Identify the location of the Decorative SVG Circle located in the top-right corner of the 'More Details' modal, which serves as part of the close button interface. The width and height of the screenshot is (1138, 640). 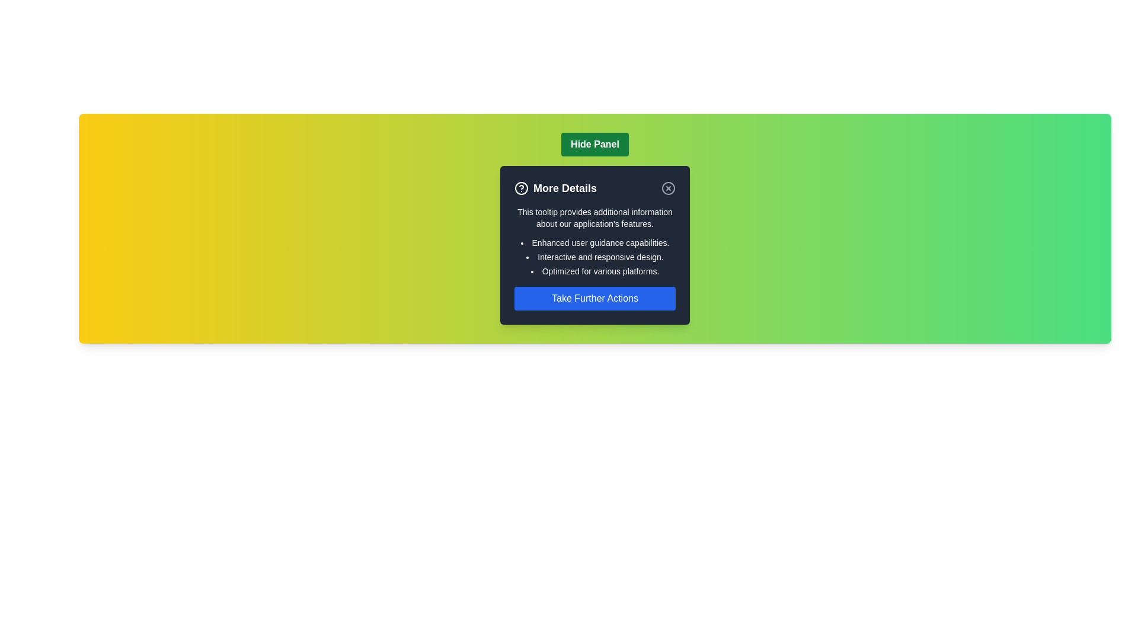
(669, 187).